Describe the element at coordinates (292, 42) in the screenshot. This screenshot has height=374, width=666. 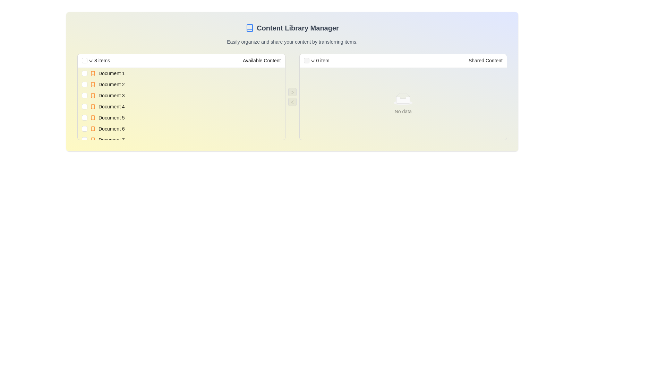
I see `the text display that reads 'Easily organize and share your content by transferring items.' located beneath the heading 'Content Library Manager' in the header section` at that location.